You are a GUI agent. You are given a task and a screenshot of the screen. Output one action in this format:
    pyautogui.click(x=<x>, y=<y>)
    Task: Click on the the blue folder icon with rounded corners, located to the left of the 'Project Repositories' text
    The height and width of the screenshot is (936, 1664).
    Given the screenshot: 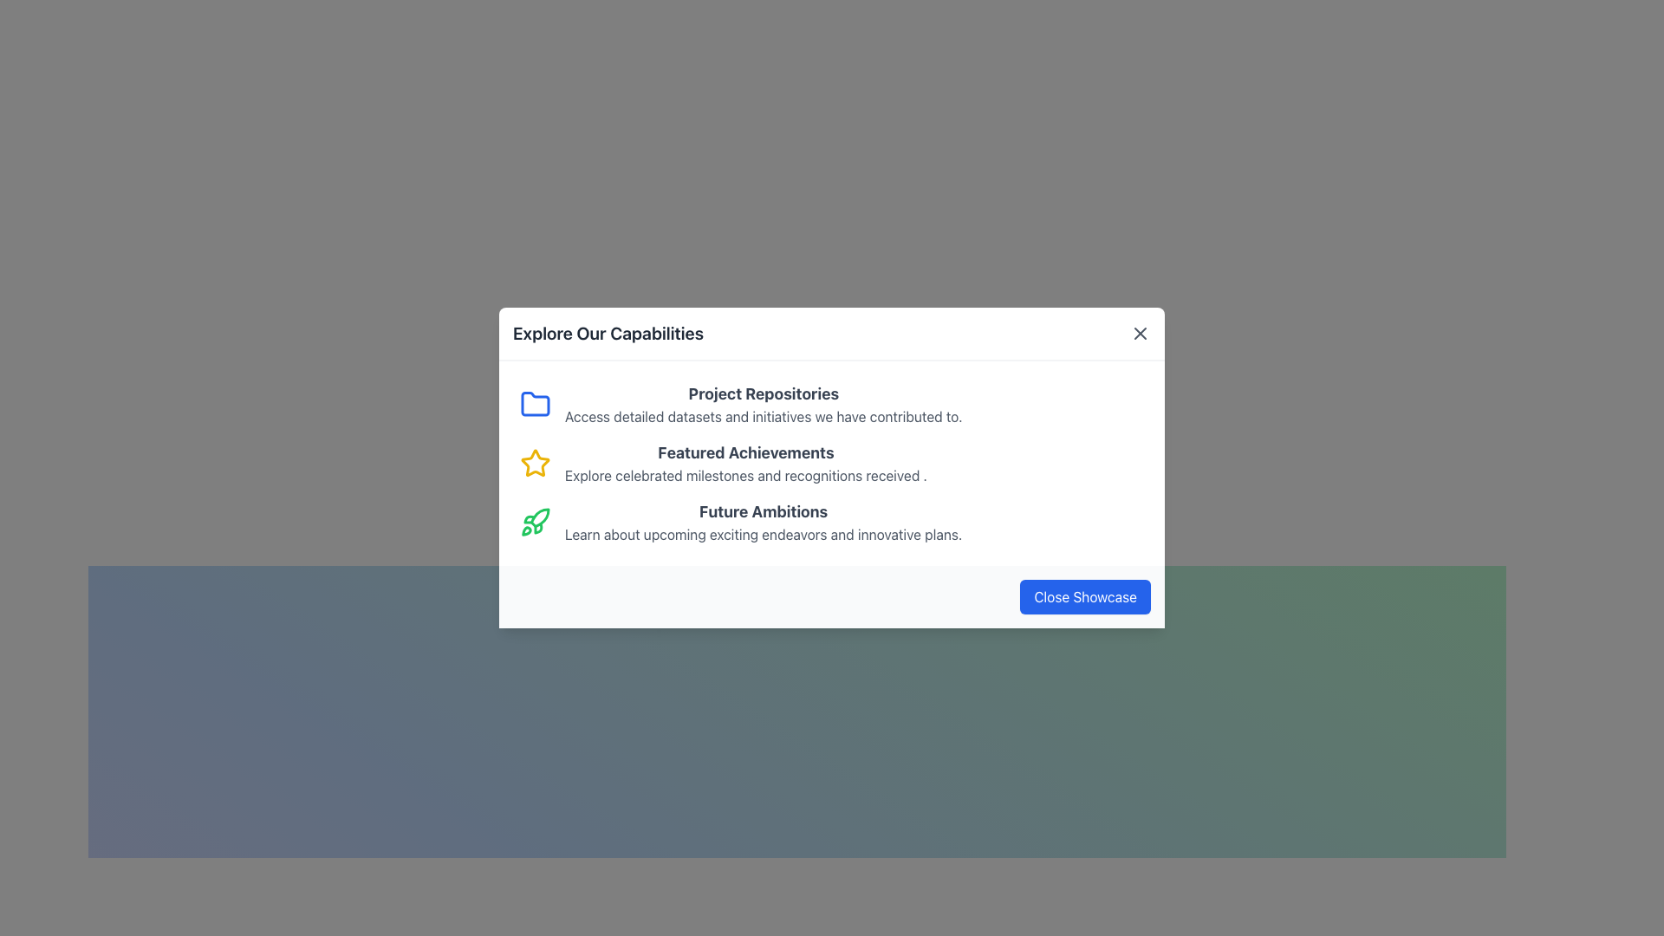 What is the action you would take?
    pyautogui.click(x=535, y=404)
    